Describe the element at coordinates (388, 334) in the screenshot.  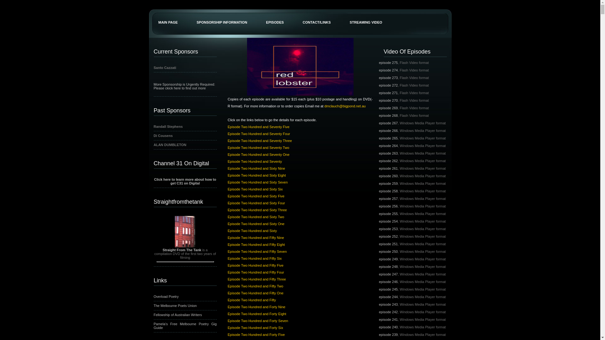
I see `'episode 239'` at that location.